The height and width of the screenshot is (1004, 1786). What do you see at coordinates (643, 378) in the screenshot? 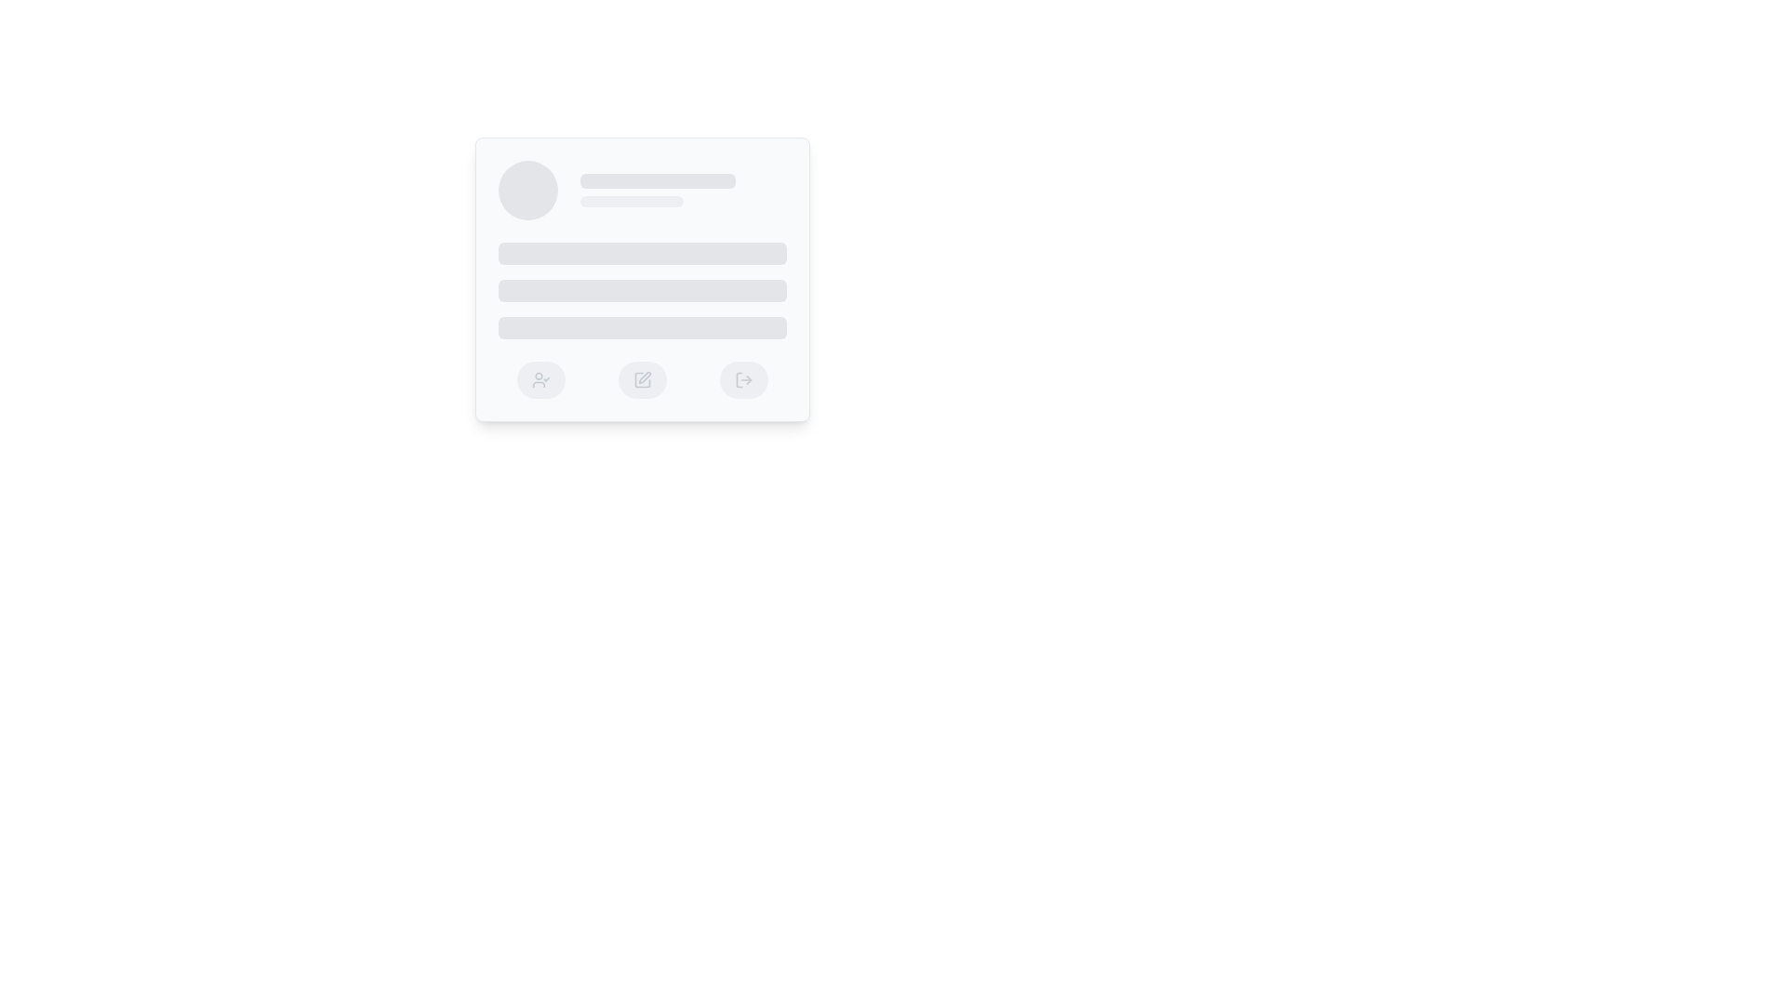
I see `the gray square icon with a diagonal pen overlay` at bounding box center [643, 378].